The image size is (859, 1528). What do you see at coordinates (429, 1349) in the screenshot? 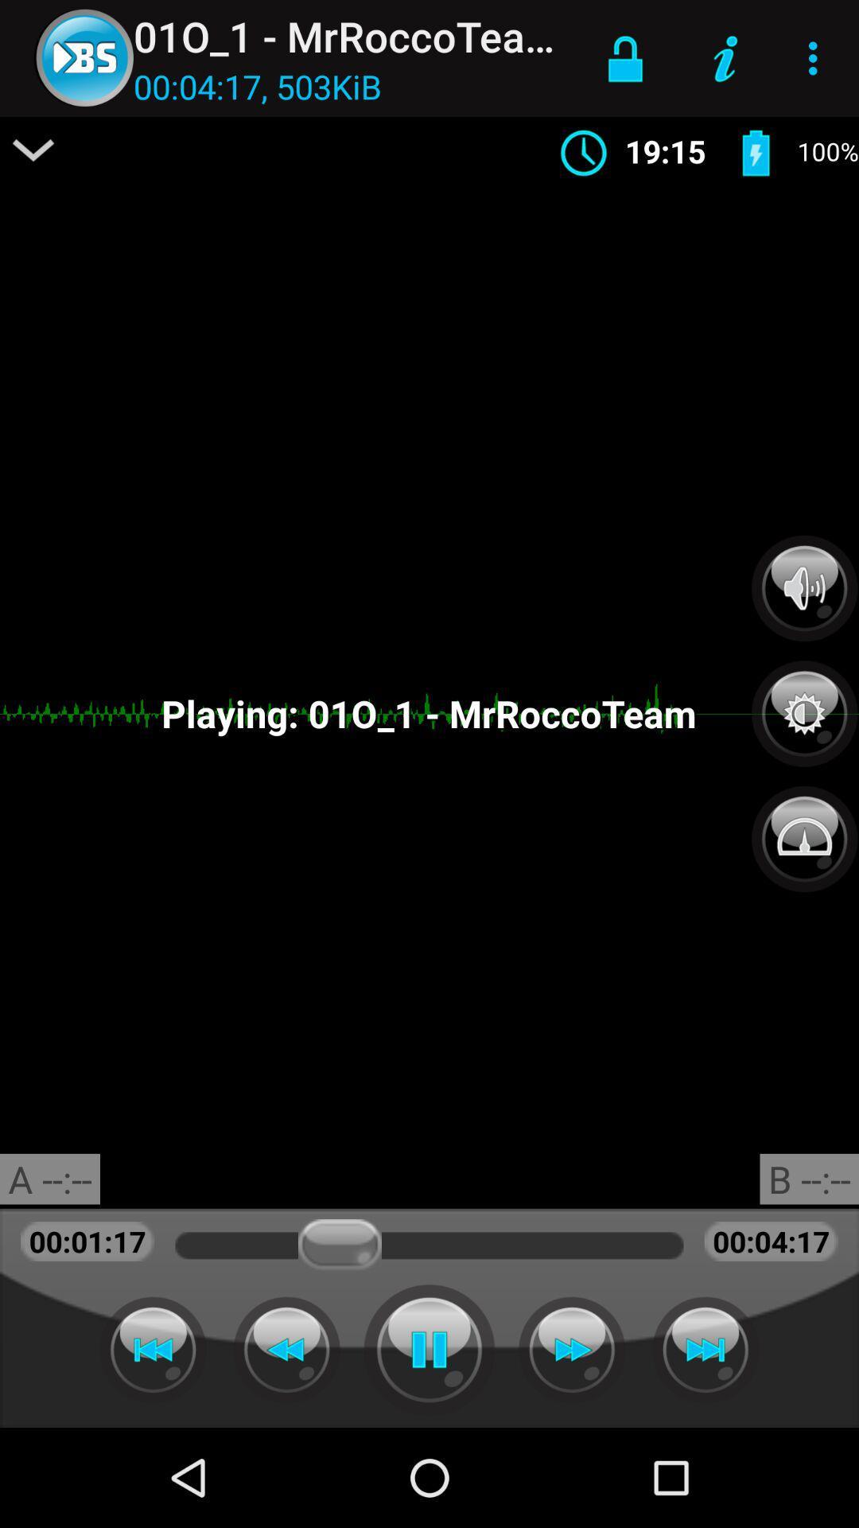
I see `pause the player` at bounding box center [429, 1349].